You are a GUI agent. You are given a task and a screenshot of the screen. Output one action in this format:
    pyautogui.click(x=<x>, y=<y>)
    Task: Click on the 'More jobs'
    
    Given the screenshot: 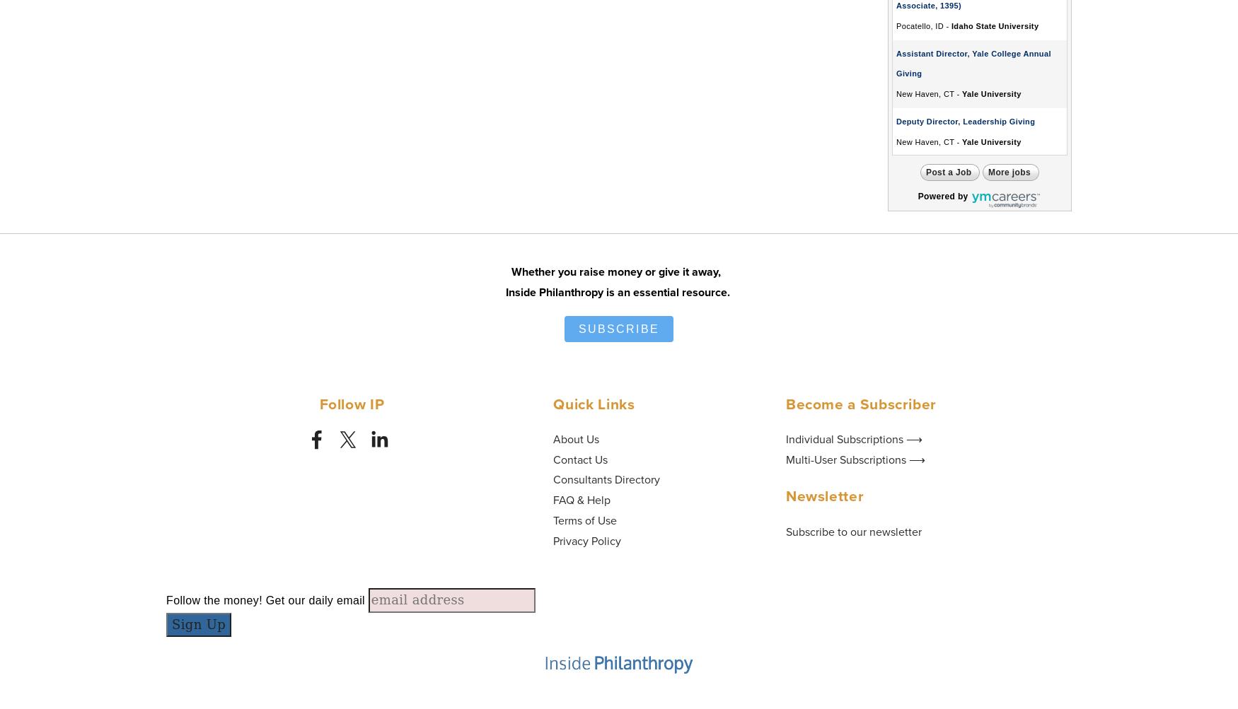 What is the action you would take?
    pyautogui.click(x=1008, y=172)
    